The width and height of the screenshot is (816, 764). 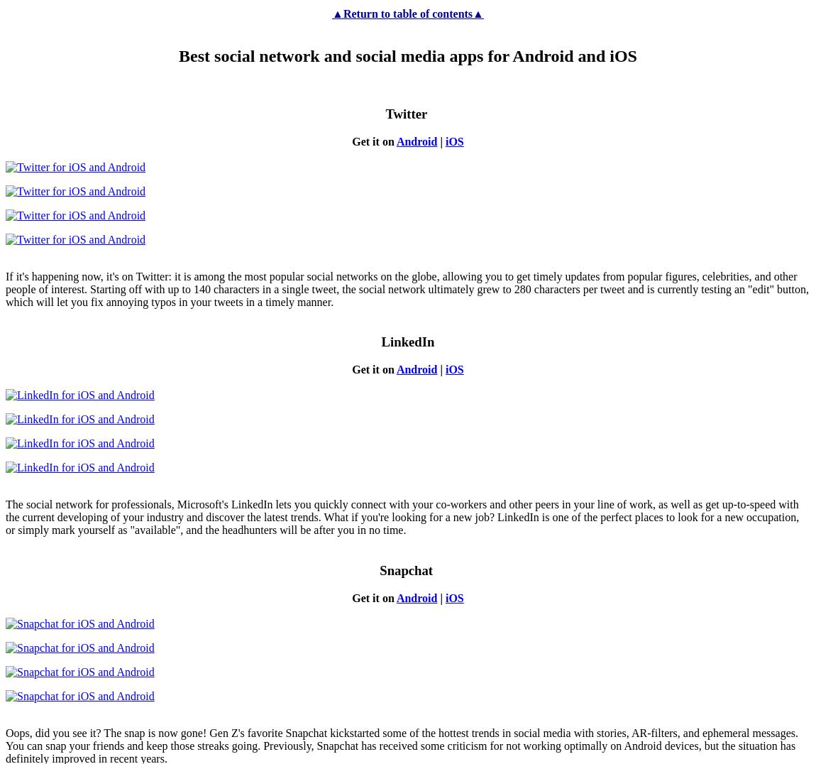 I want to click on 'If it's happening now, it's on Twitter: it is among the most popular social networks on the globe, allowing you to get timely updates from popular figures, celebrities, and other people of interest. Starting off with up to 140 characters in a single tweet, the social network ultimately grew to 280 characters per tweet and is currently testing an "edit" button, which will let you fix annoying typos in your tweets in a timely manner.', so click(x=407, y=288).